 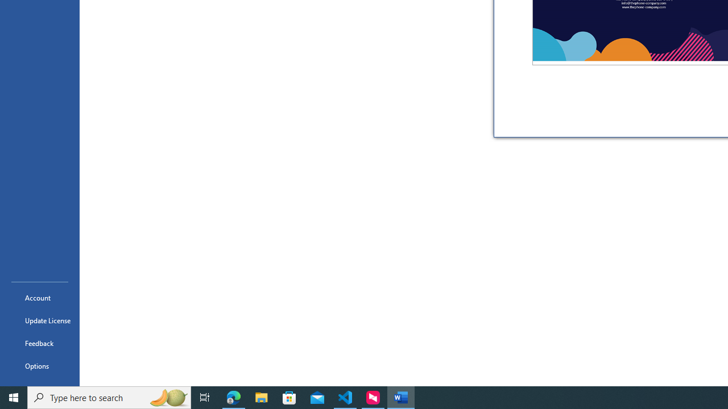 What do you see at coordinates (39, 320) in the screenshot?
I see `'Update License'` at bounding box center [39, 320].